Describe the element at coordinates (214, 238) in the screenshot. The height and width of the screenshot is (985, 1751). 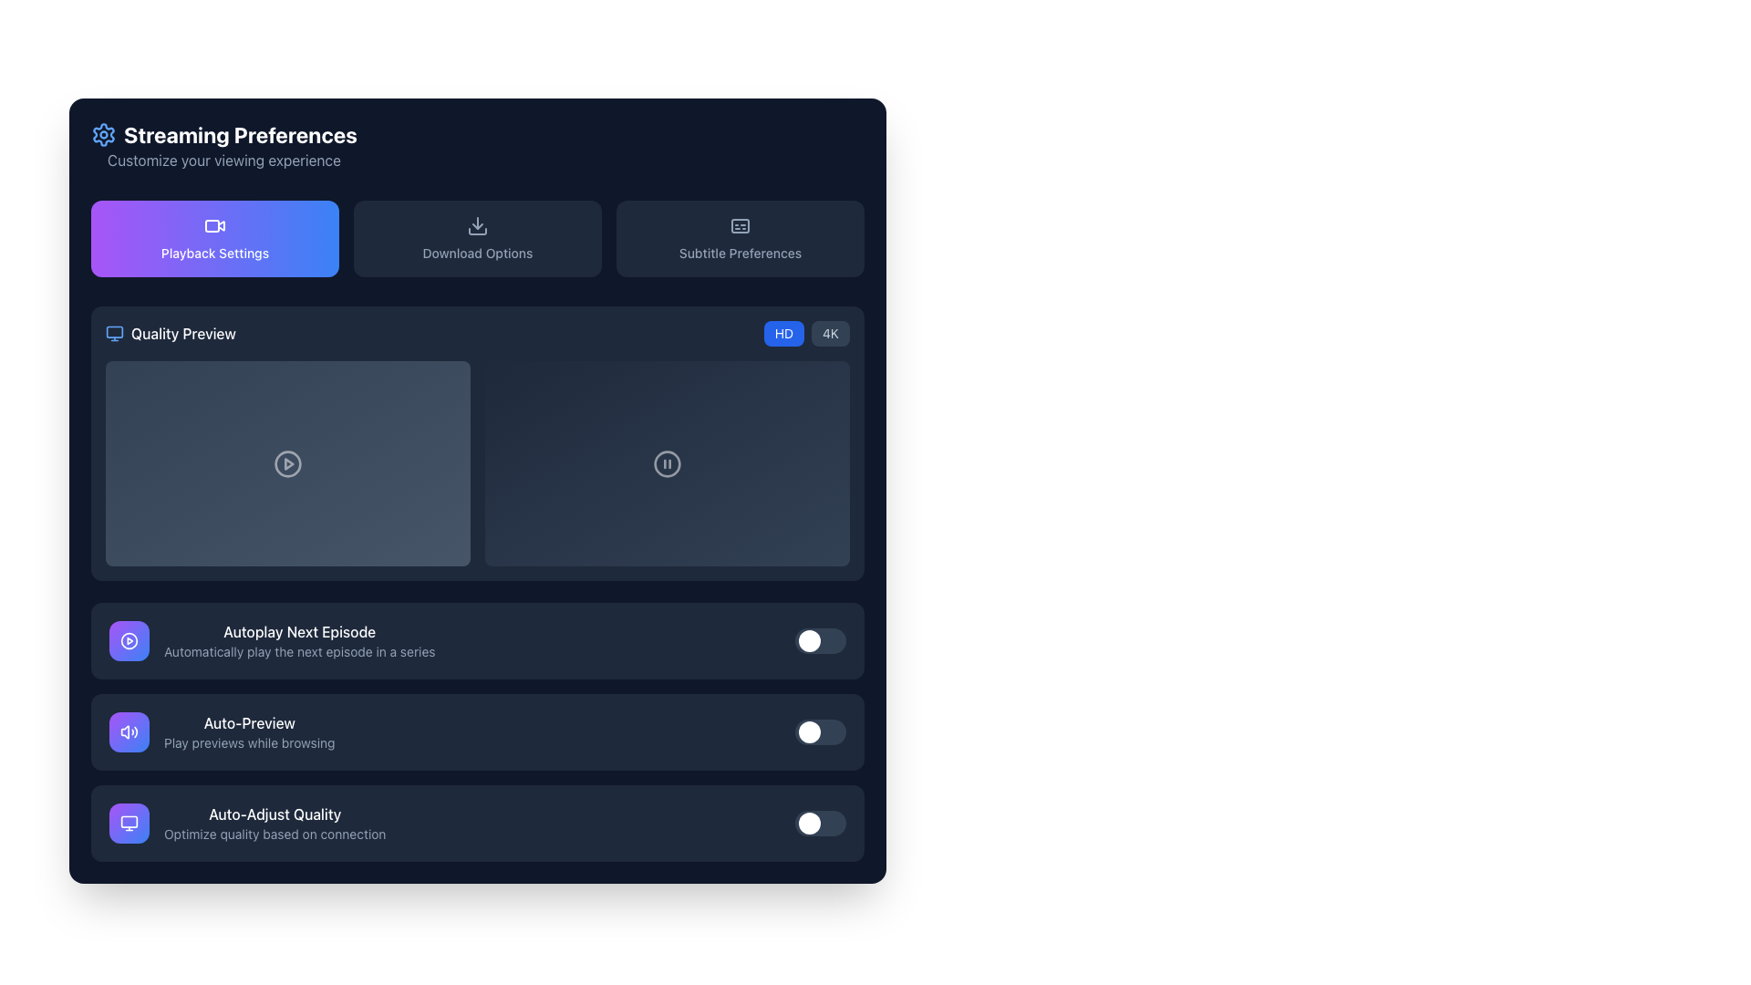
I see `the first button in the group for navigating to playback settings related to streaming preferences, positioned below the 'Streaming Preferences' header` at that location.